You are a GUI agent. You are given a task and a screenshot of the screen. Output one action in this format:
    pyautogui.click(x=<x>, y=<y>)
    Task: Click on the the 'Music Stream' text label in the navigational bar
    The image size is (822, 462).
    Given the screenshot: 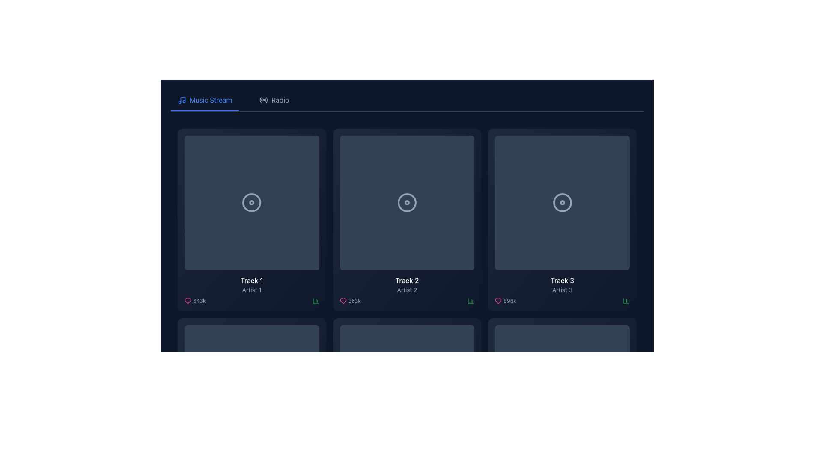 What is the action you would take?
    pyautogui.click(x=211, y=100)
    